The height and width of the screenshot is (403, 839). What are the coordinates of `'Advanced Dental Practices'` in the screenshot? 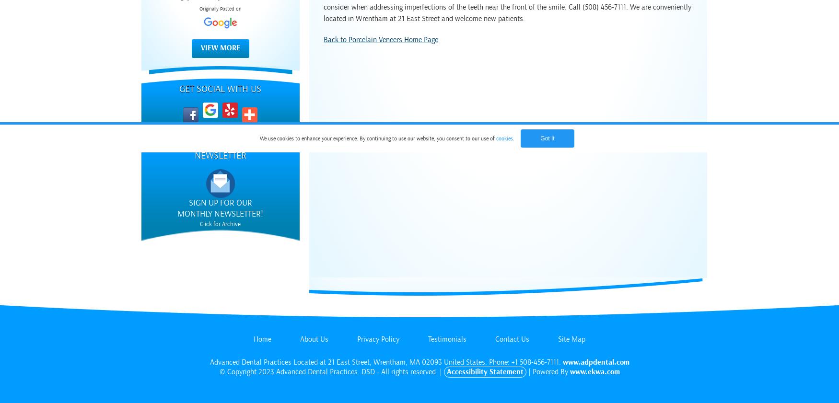 It's located at (250, 362).